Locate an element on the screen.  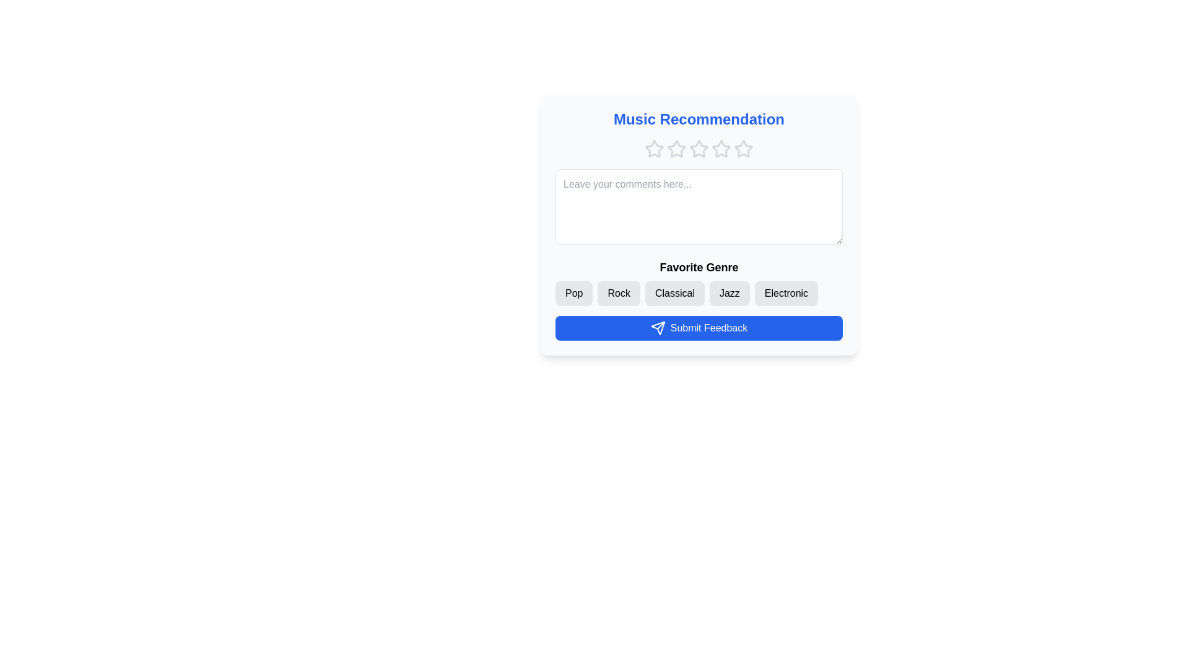
the 'Classical' genre button, which is a rectangular button with a gray background and the text 'Classical' in black, located under the label 'Favorite Genre' between the 'Rock' and 'Jazz' buttons is located at coordinates (674, 294).